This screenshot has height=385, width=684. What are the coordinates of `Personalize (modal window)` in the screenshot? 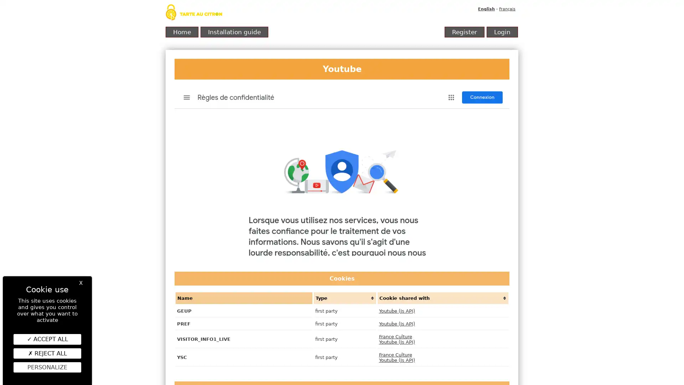 It's located at (47, 367).